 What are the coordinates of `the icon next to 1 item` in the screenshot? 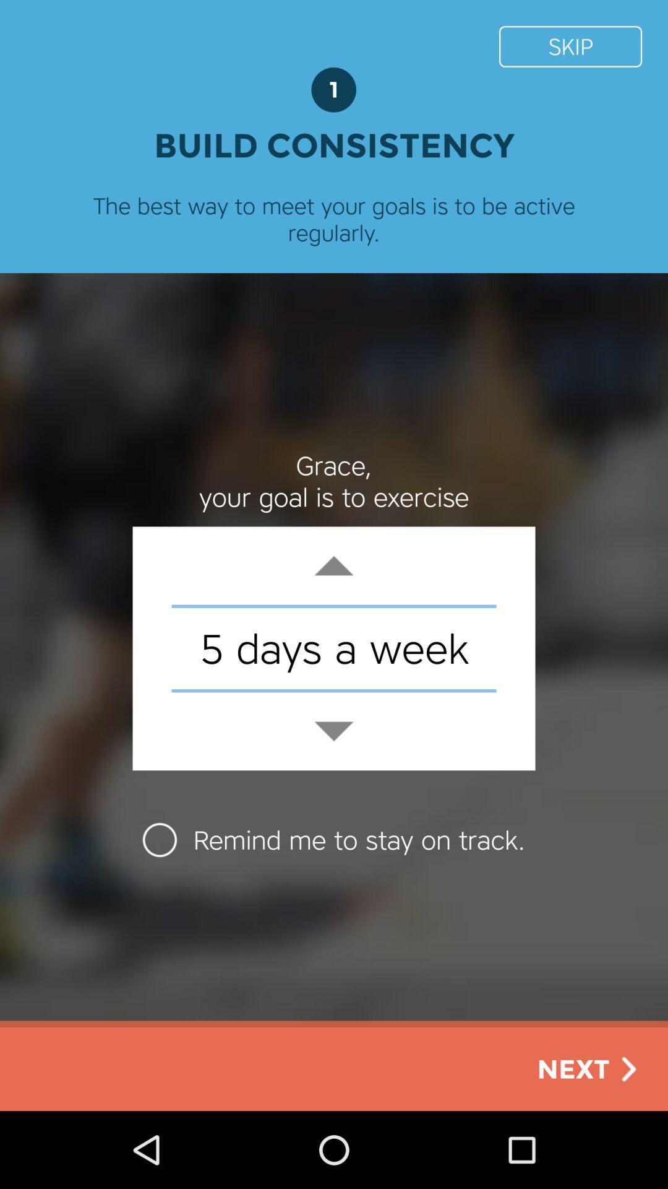 It's located at (570, 46).